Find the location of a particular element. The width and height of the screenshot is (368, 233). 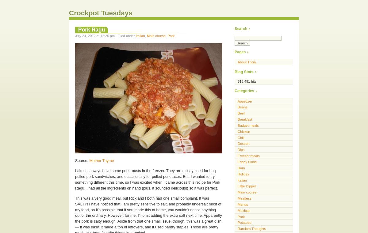

'Breakfast' is located at coordinates (244, 119).